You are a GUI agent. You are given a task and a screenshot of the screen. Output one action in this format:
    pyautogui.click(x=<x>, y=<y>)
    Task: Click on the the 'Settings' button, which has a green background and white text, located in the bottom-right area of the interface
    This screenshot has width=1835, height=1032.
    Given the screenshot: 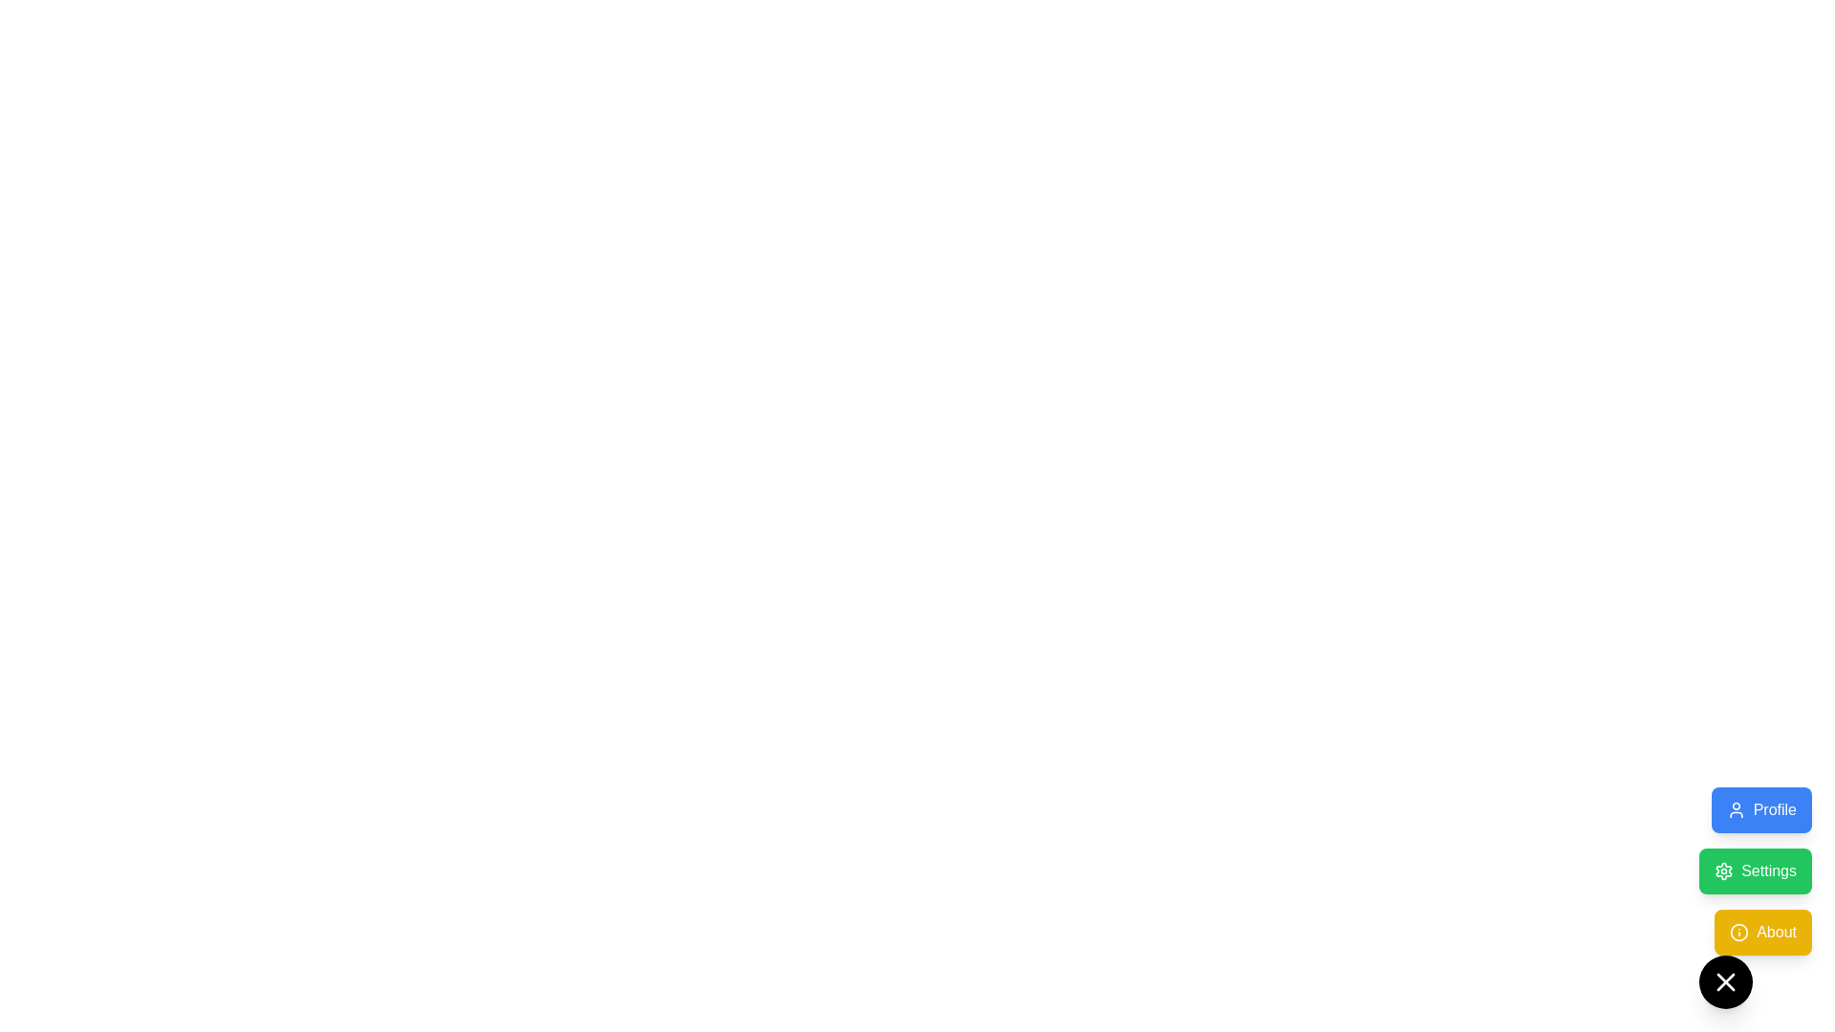 What is the action you would take?
    pyautogui.click(x=1756, y=898)
    